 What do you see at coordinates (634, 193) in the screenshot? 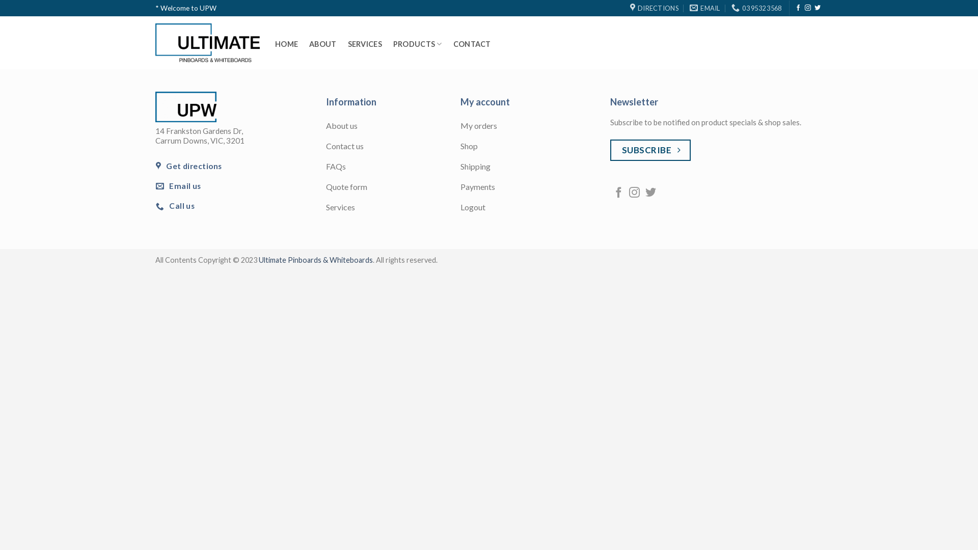
I see `'Follow on Instagram'` at bounding box center [634, 193].